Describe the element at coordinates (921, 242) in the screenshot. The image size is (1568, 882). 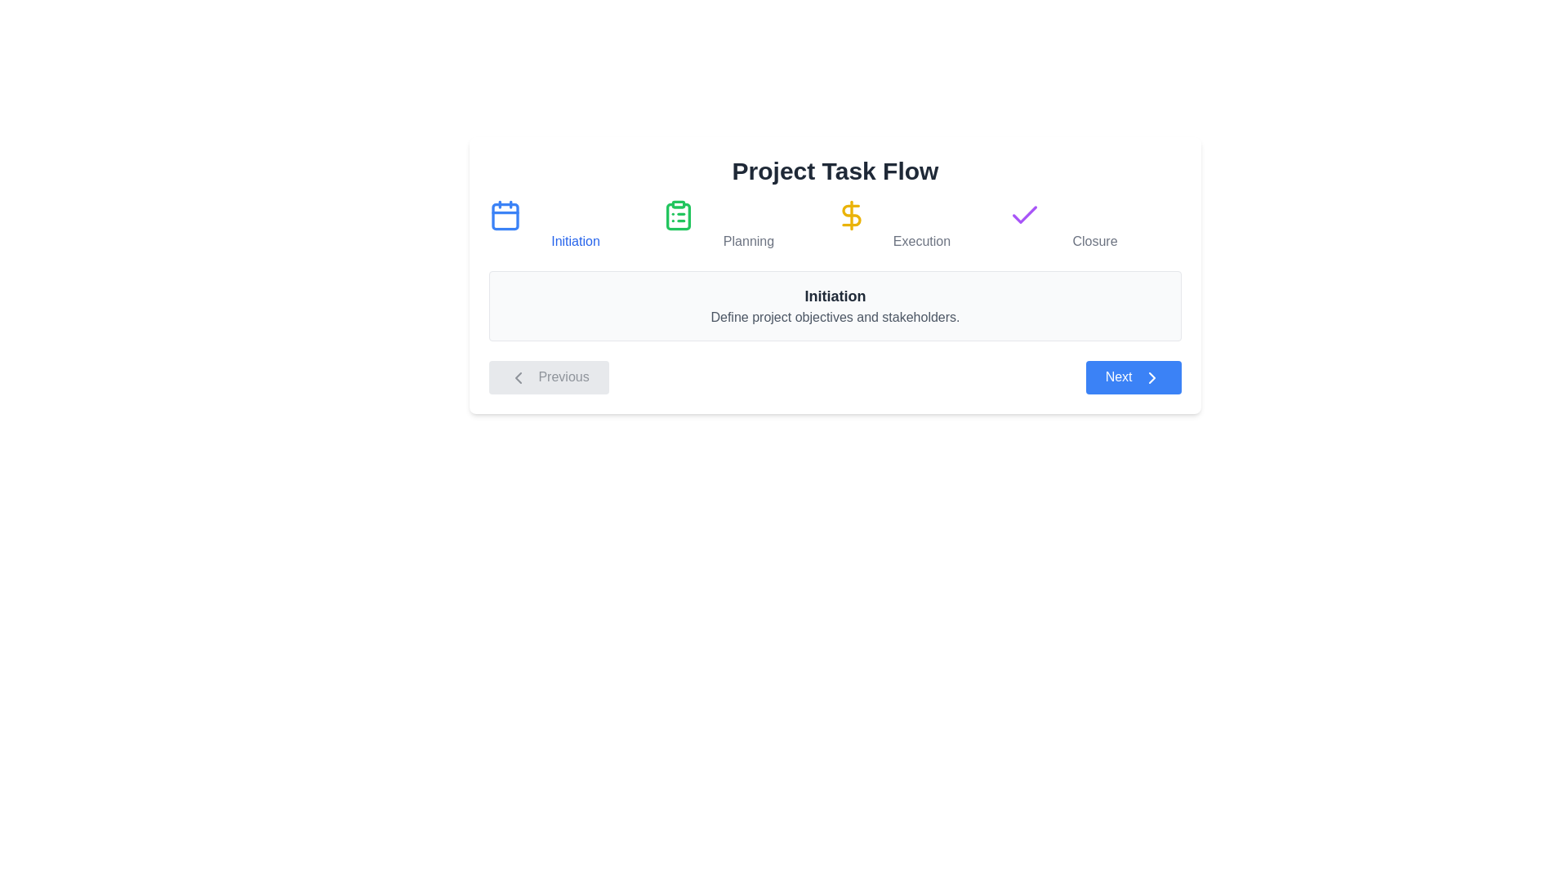
I see `the text label reading 'Execution', which is centrally placed below a yellow dollar sign icon in the third section of a four-part horizontal navigation component` at that location.